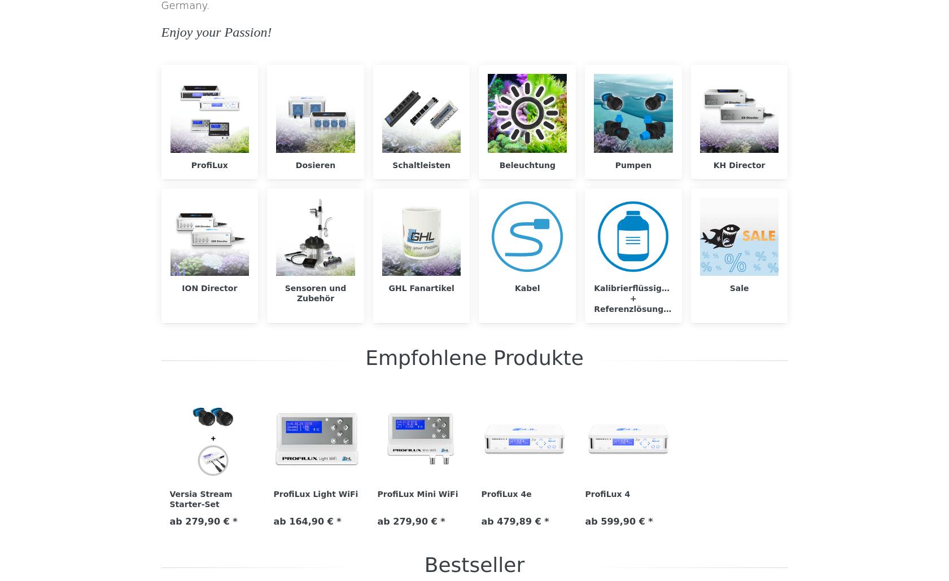  Describe the element at coordinates (641, 298) in the screenshot. I see `'Kalibrierflüssigkeiten + Referenzlösungen'` at that location.